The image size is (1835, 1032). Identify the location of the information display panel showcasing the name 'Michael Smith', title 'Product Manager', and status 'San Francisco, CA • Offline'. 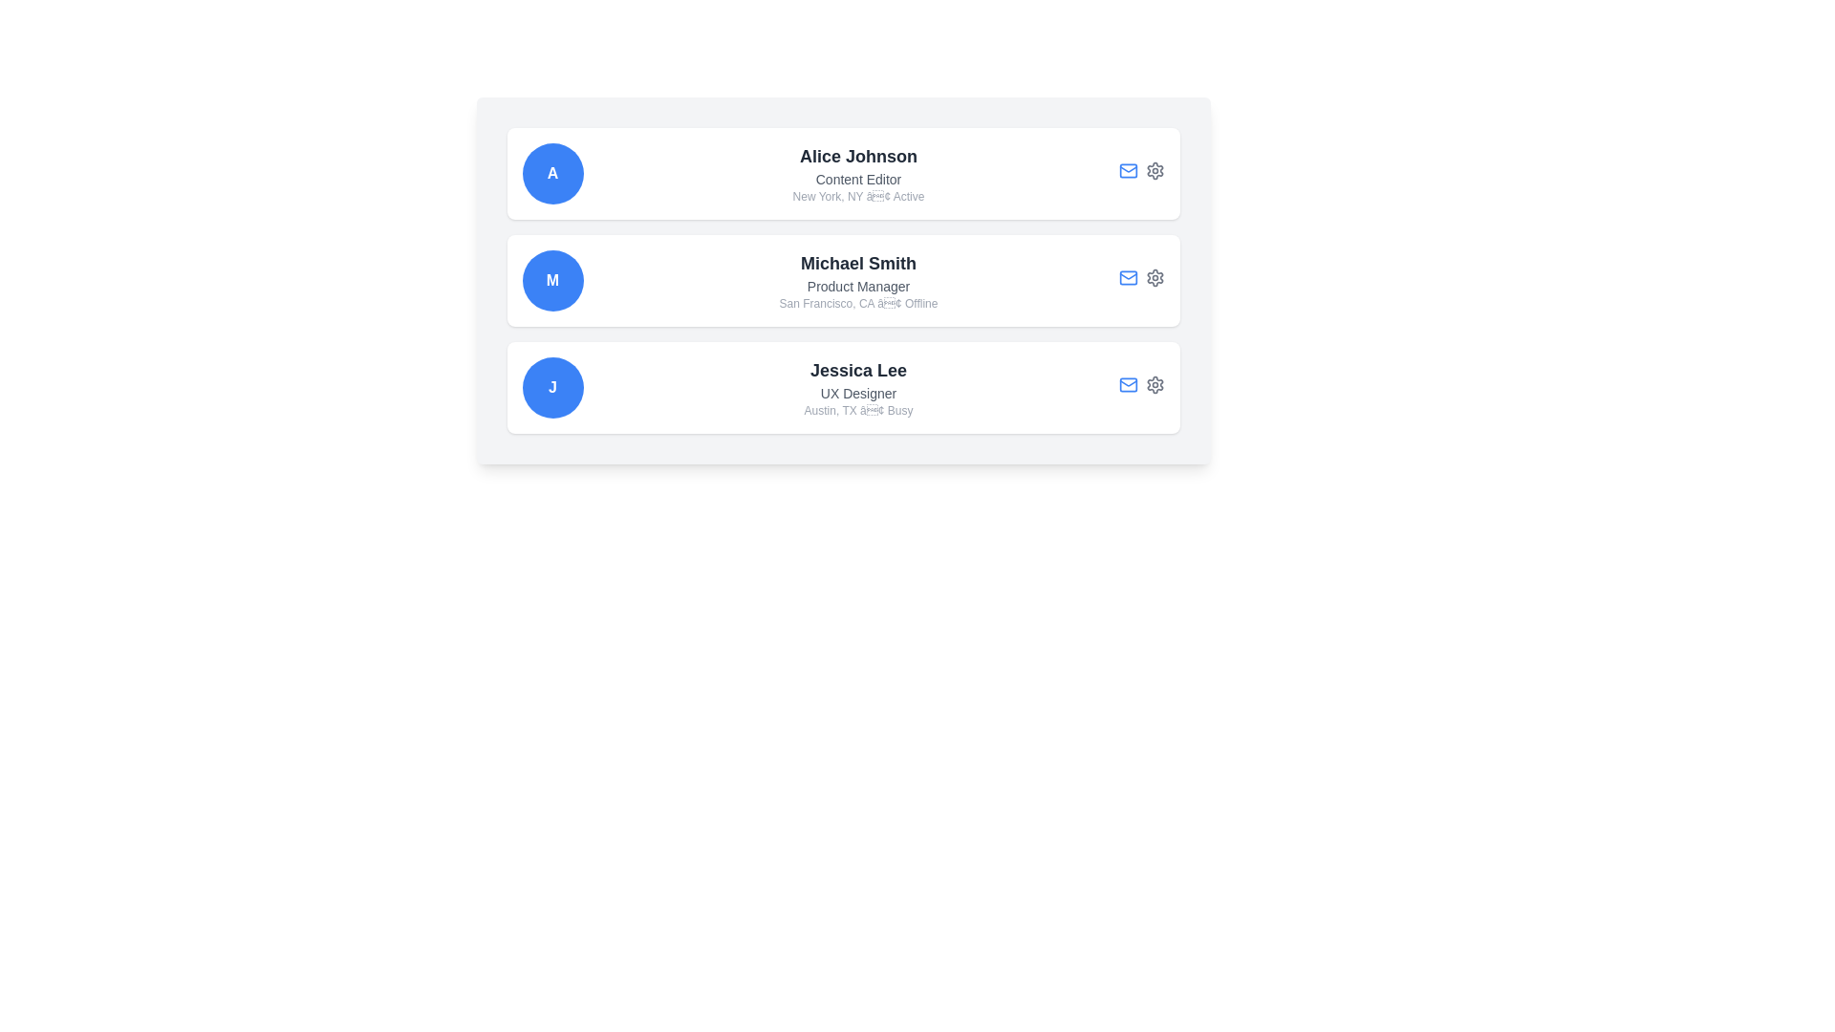
(857, 280).